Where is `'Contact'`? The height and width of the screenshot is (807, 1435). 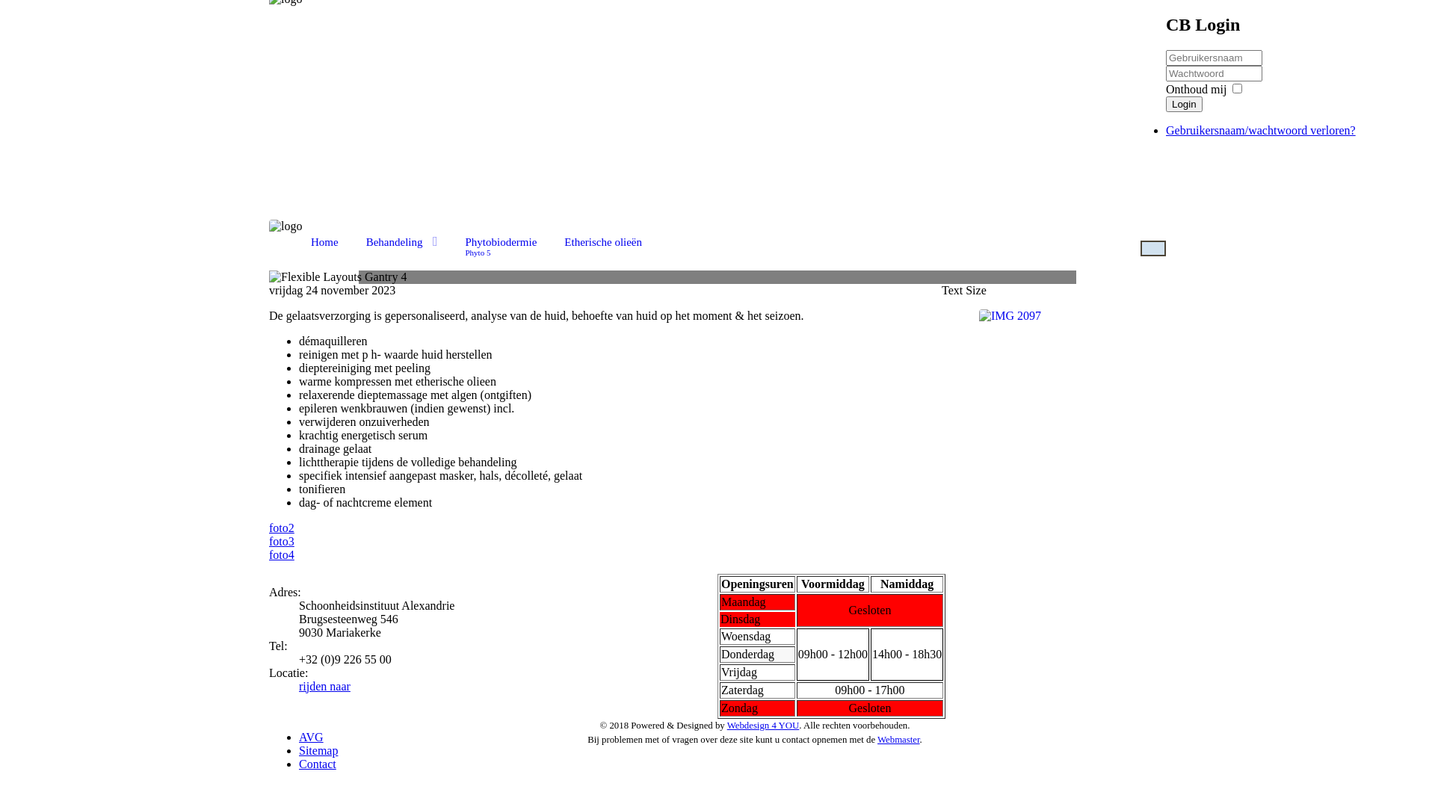
'Contact' is located at coordinates (317, 764).